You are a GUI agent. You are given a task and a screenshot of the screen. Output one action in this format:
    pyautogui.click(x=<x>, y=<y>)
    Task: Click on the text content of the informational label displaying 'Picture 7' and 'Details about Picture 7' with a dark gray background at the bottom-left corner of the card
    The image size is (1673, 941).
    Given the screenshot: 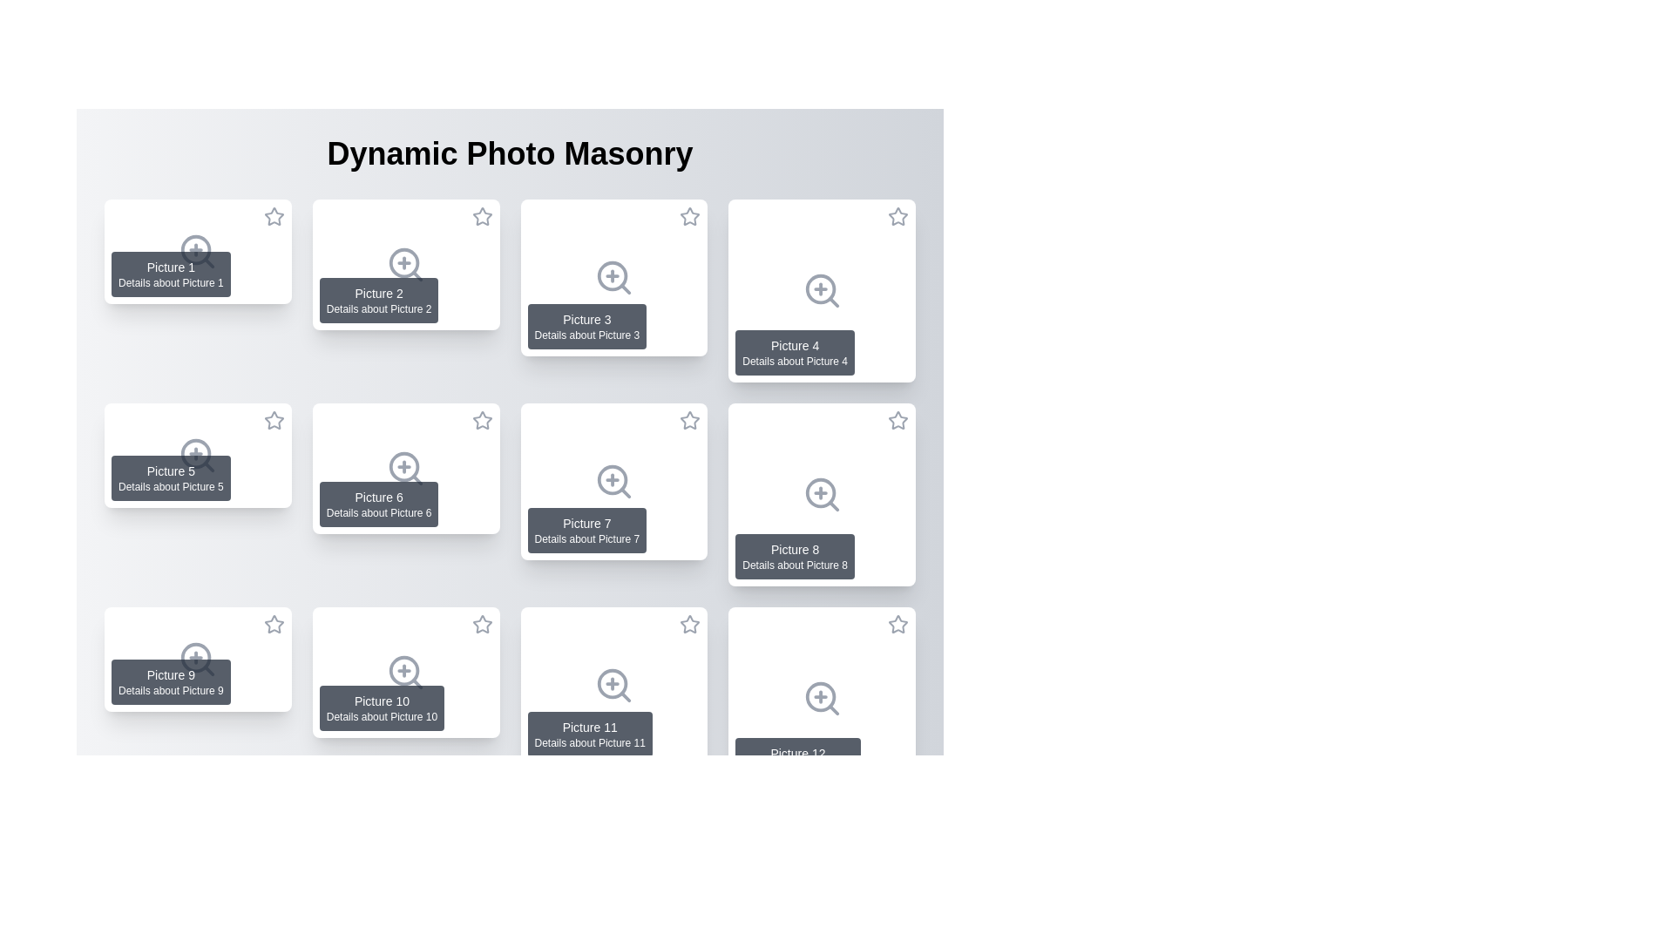 What is the action you would take?
    pyautogui.click(x=586, y=530)
    